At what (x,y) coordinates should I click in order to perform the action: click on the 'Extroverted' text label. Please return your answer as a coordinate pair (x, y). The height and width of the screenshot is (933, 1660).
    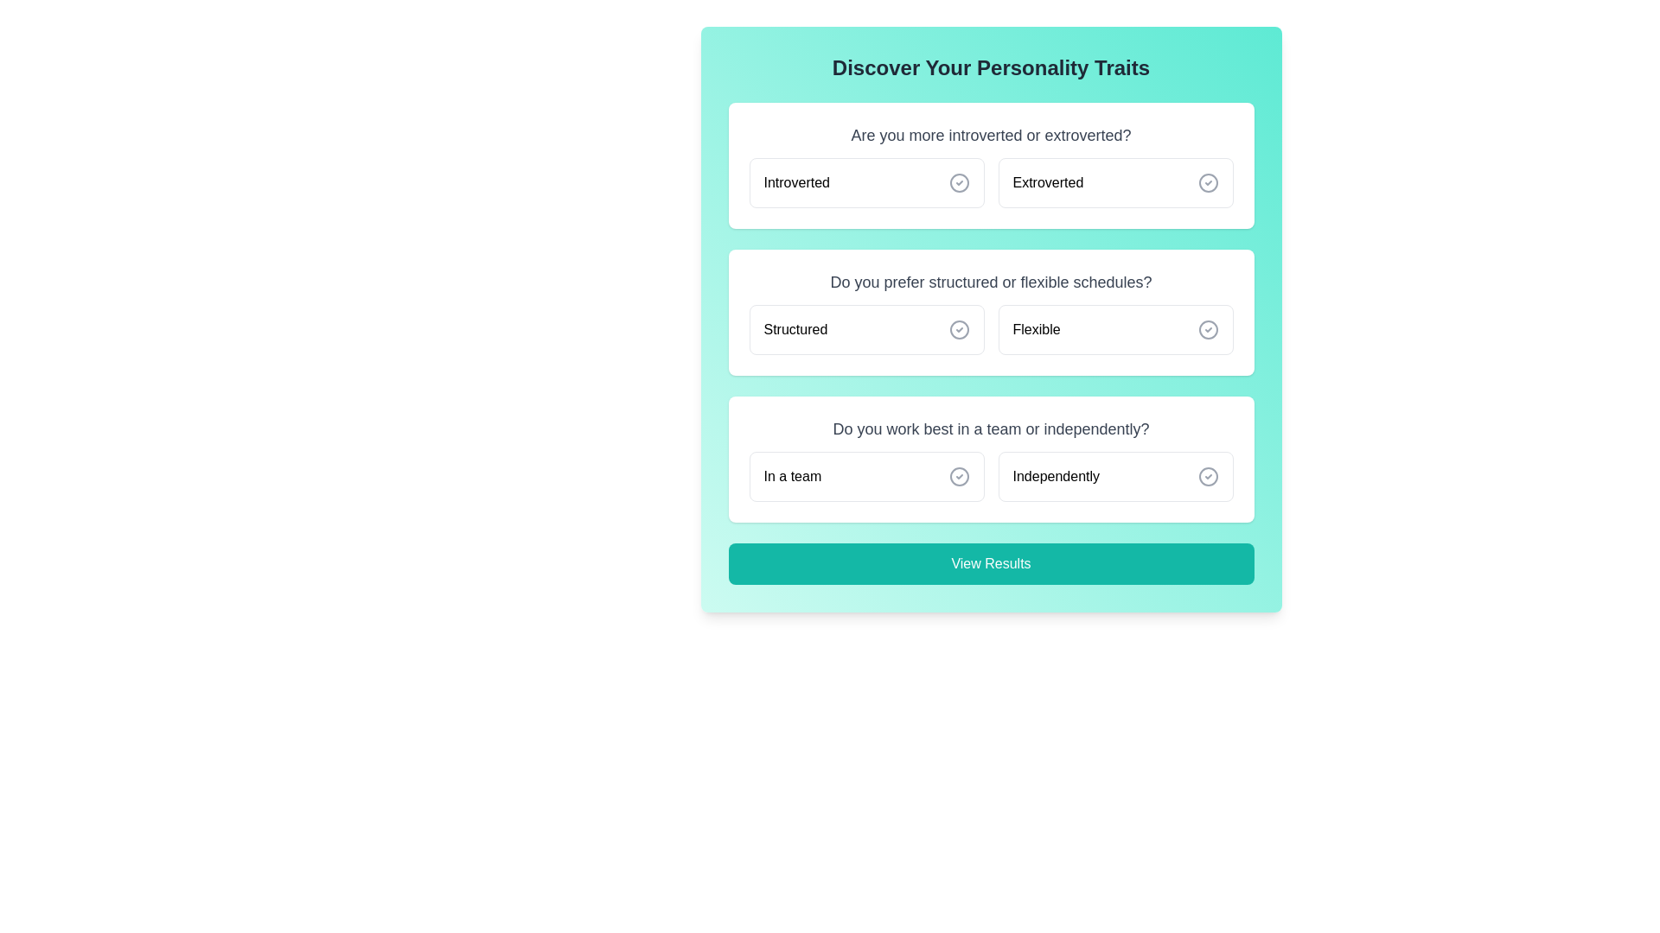
    Looking at the image, I should click on (1047, 183).